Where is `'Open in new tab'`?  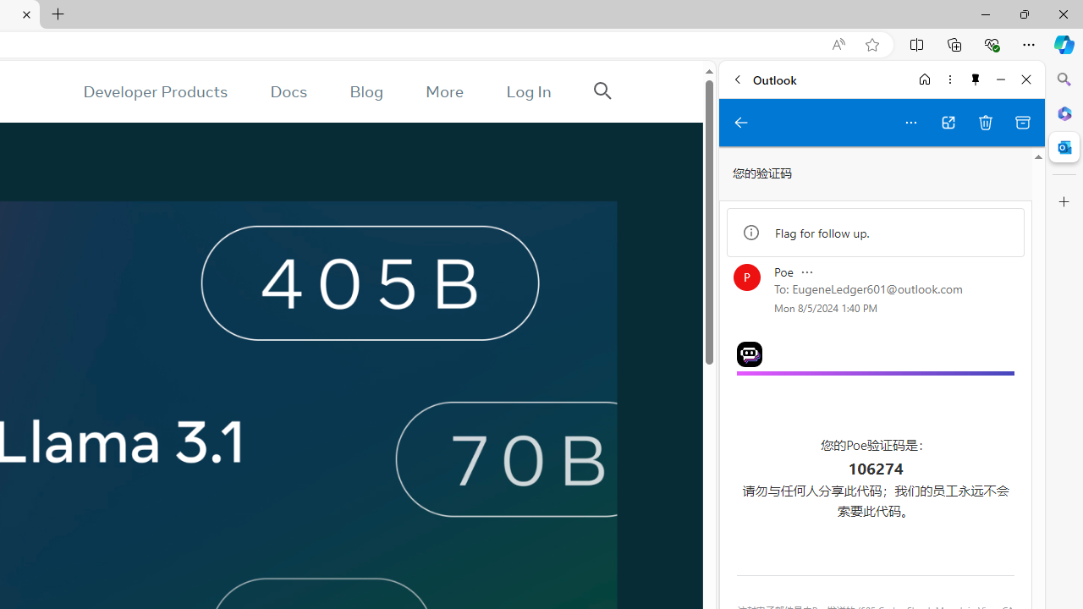
'Open in new tab' is located at coordinates (948, 122).